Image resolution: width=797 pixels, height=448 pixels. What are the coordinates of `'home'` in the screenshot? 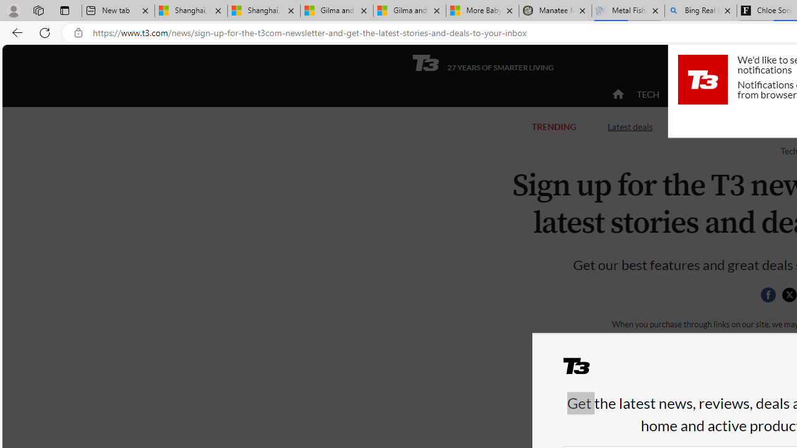 It's located at (618, 95).